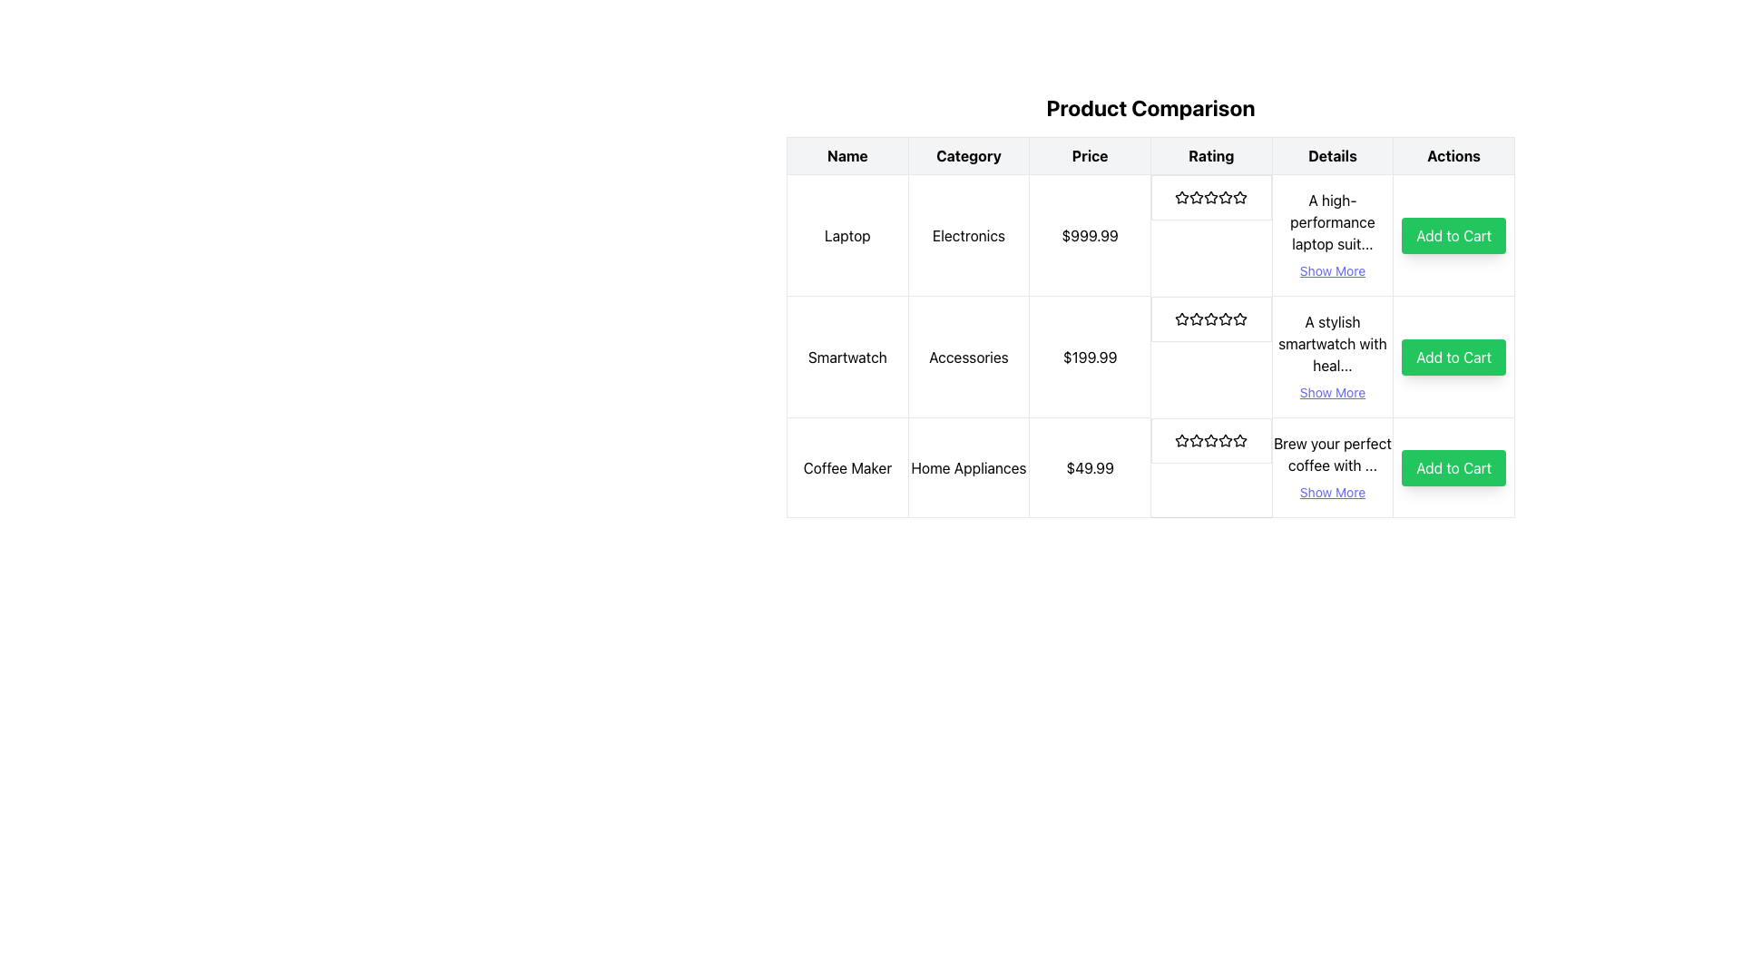 The image size is (1742, 980). What do you see at coordinates (1197, 440) in the screenshot?
I see `the third star icon with a black outline in the rating system for 'Coffee Maker' to rate it` at bounding box center [1197, 440].